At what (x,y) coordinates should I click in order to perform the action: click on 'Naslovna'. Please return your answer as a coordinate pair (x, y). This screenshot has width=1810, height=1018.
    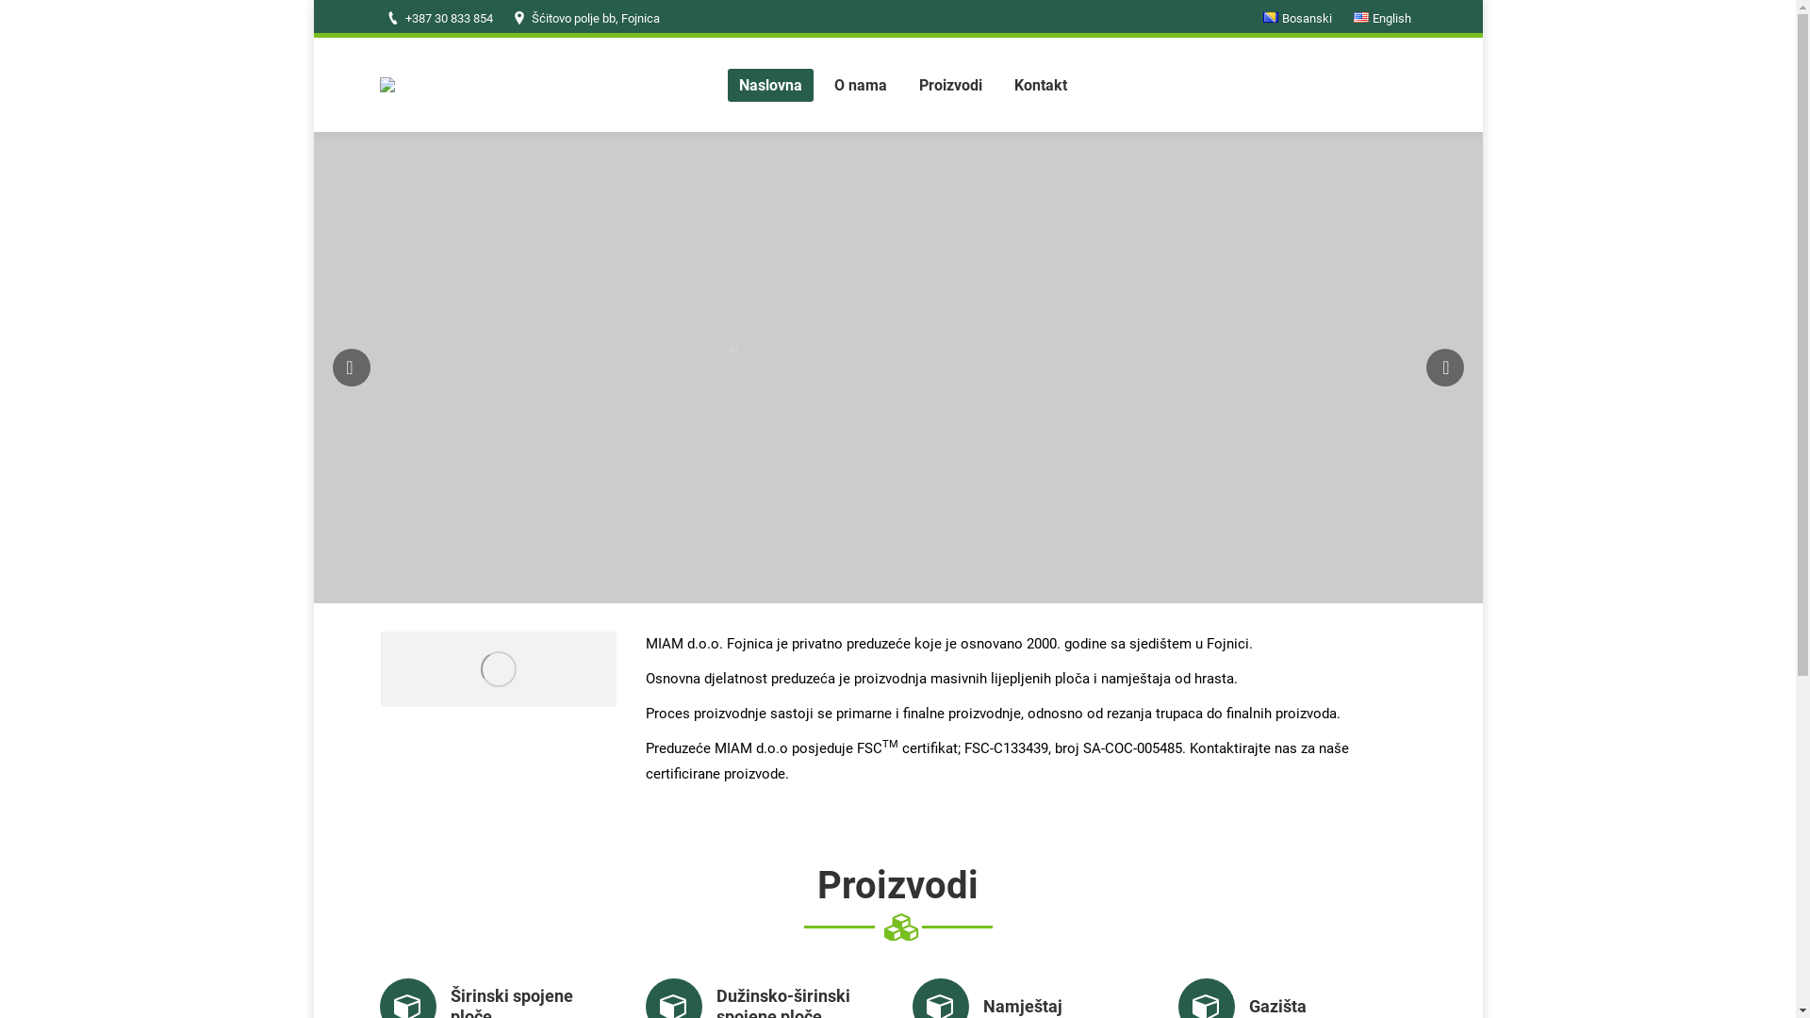
    Looking at the image, I should click on (770, 83).